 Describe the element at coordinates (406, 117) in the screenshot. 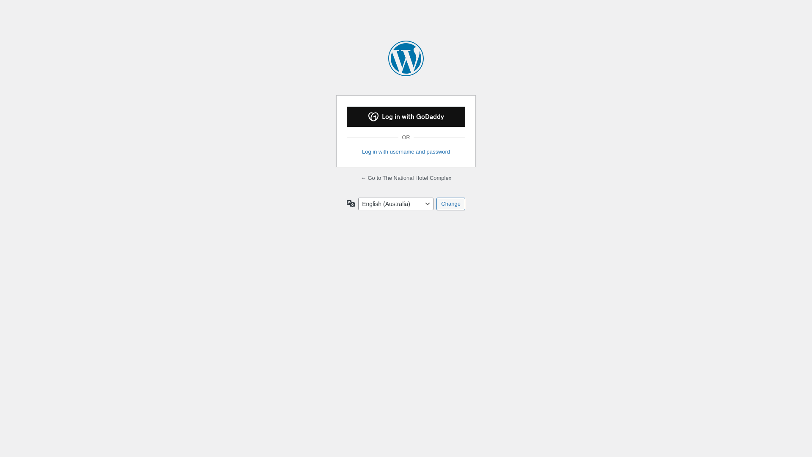

I see `'Log in with GoDaddy'` at that location.